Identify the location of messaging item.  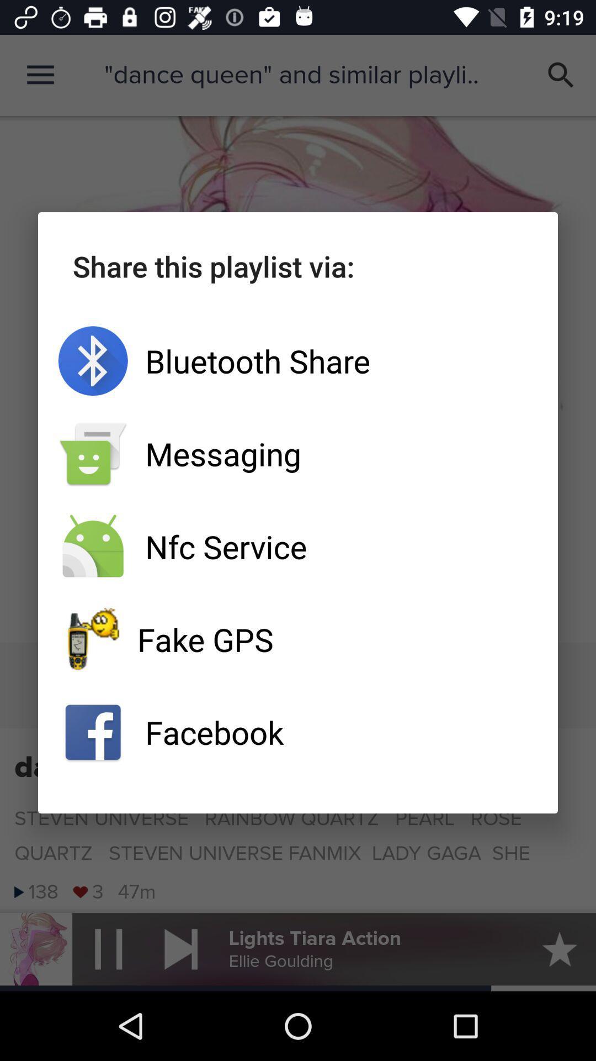
(298, 454).